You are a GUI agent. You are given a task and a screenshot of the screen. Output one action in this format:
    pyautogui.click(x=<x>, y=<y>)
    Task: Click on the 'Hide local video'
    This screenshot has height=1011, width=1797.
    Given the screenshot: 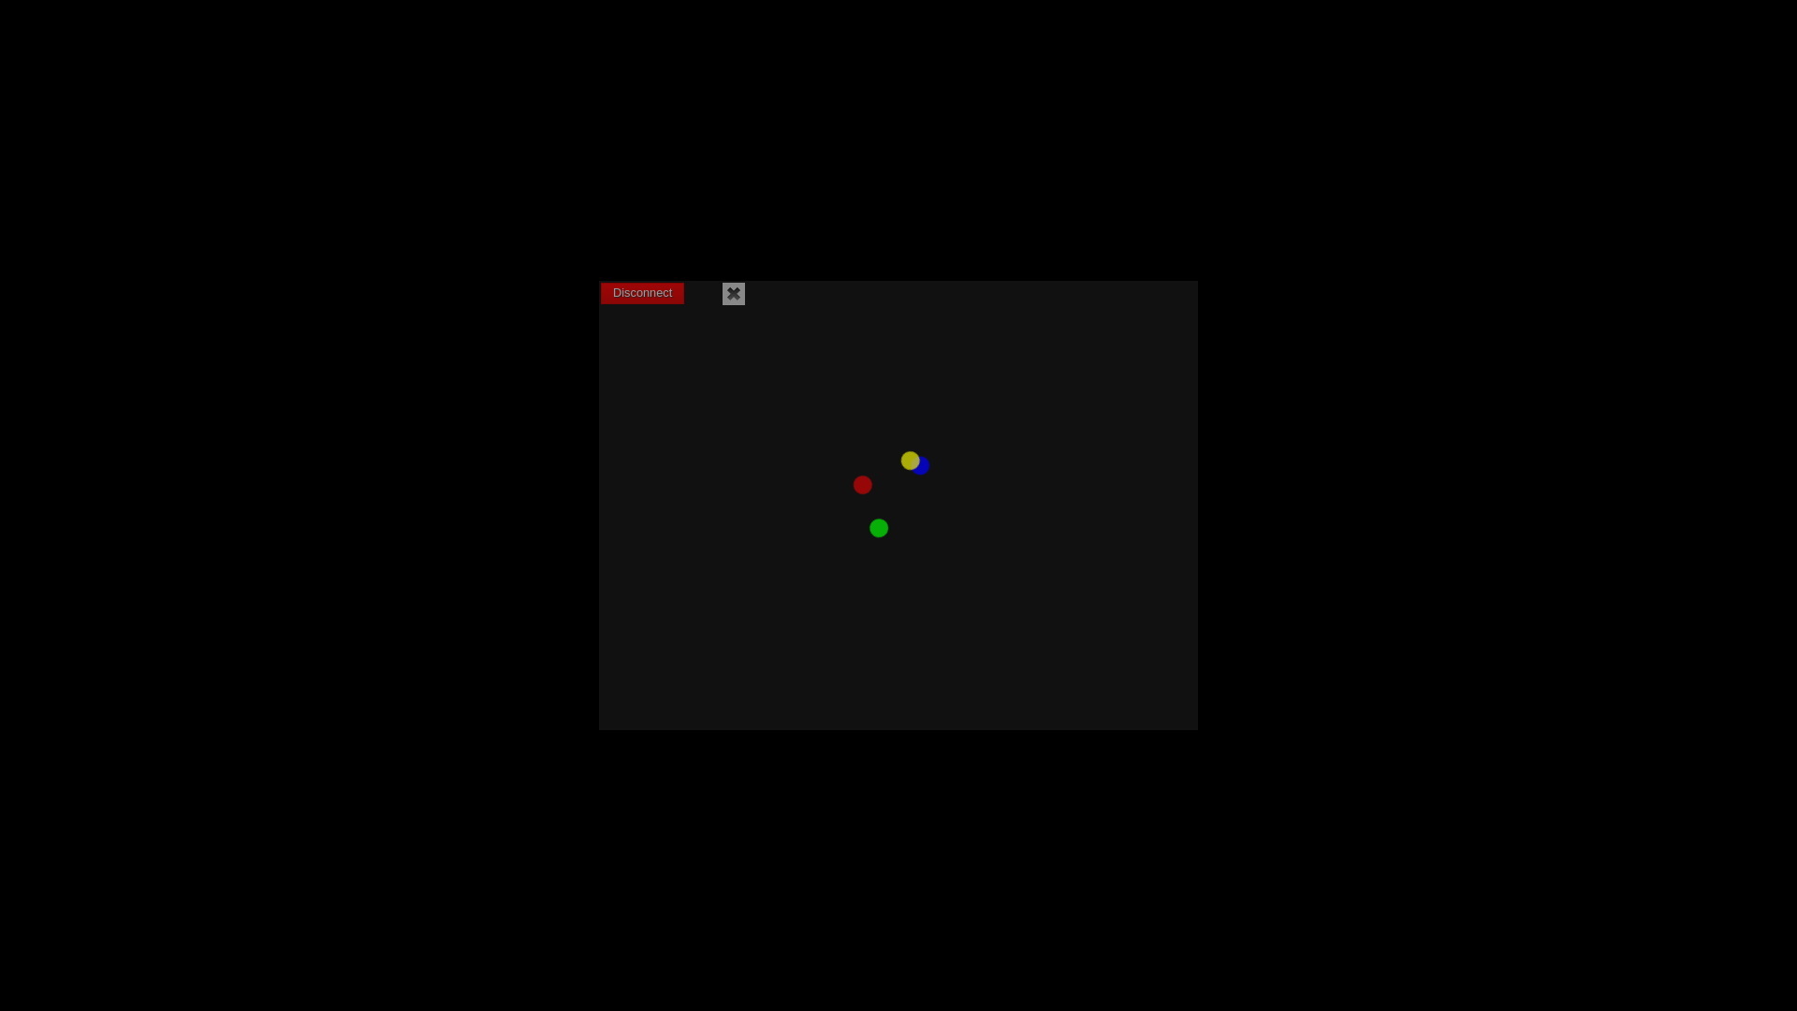 What is the action you would take?
    pyautogui.click(x=732, y=293)
    